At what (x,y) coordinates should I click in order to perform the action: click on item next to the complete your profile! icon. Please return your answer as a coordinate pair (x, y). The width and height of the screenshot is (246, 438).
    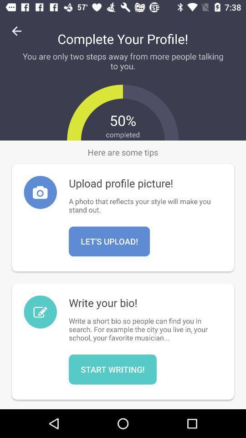
    Looking at the image, I should click on (16, 31).